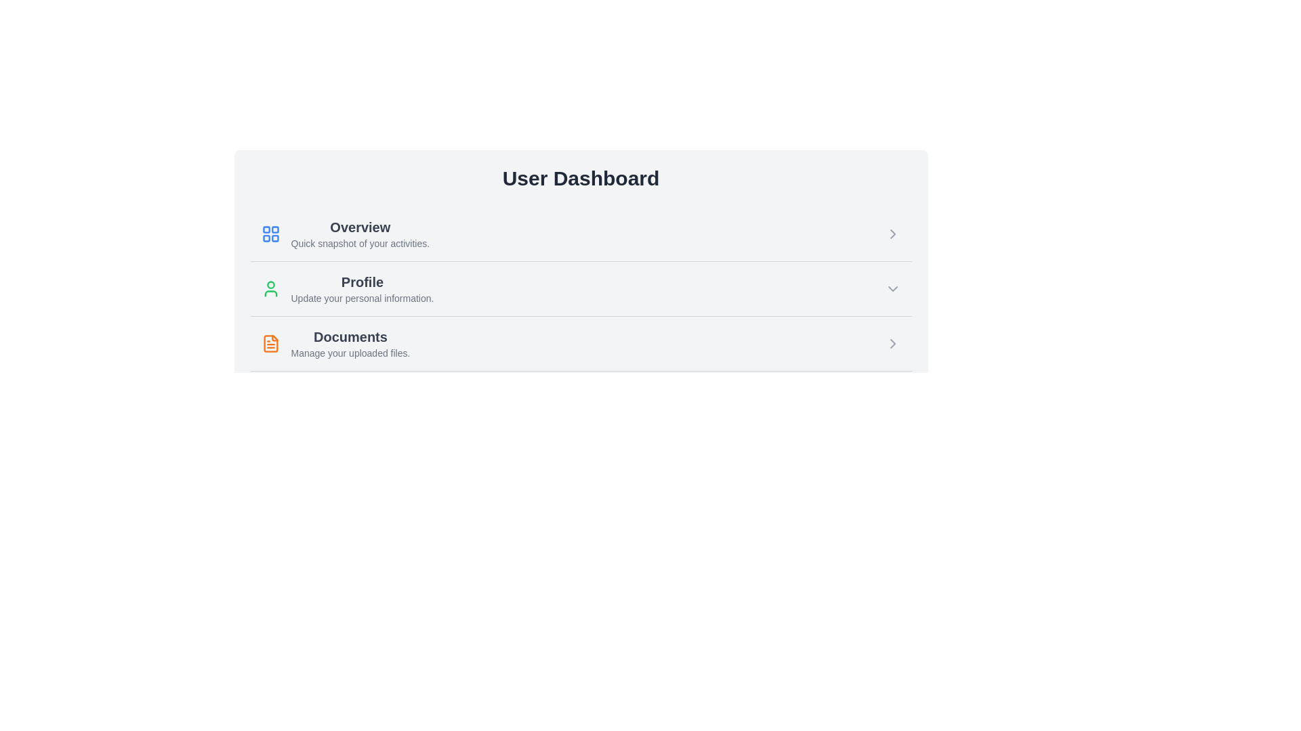  What do you see at coordinates (360, 226) in the screenshot?
I see `the 'Overview' text label in bold, dark gray font located in the upper-left quadrant of the User Dashboard interface` at bounding box center [360, 226].